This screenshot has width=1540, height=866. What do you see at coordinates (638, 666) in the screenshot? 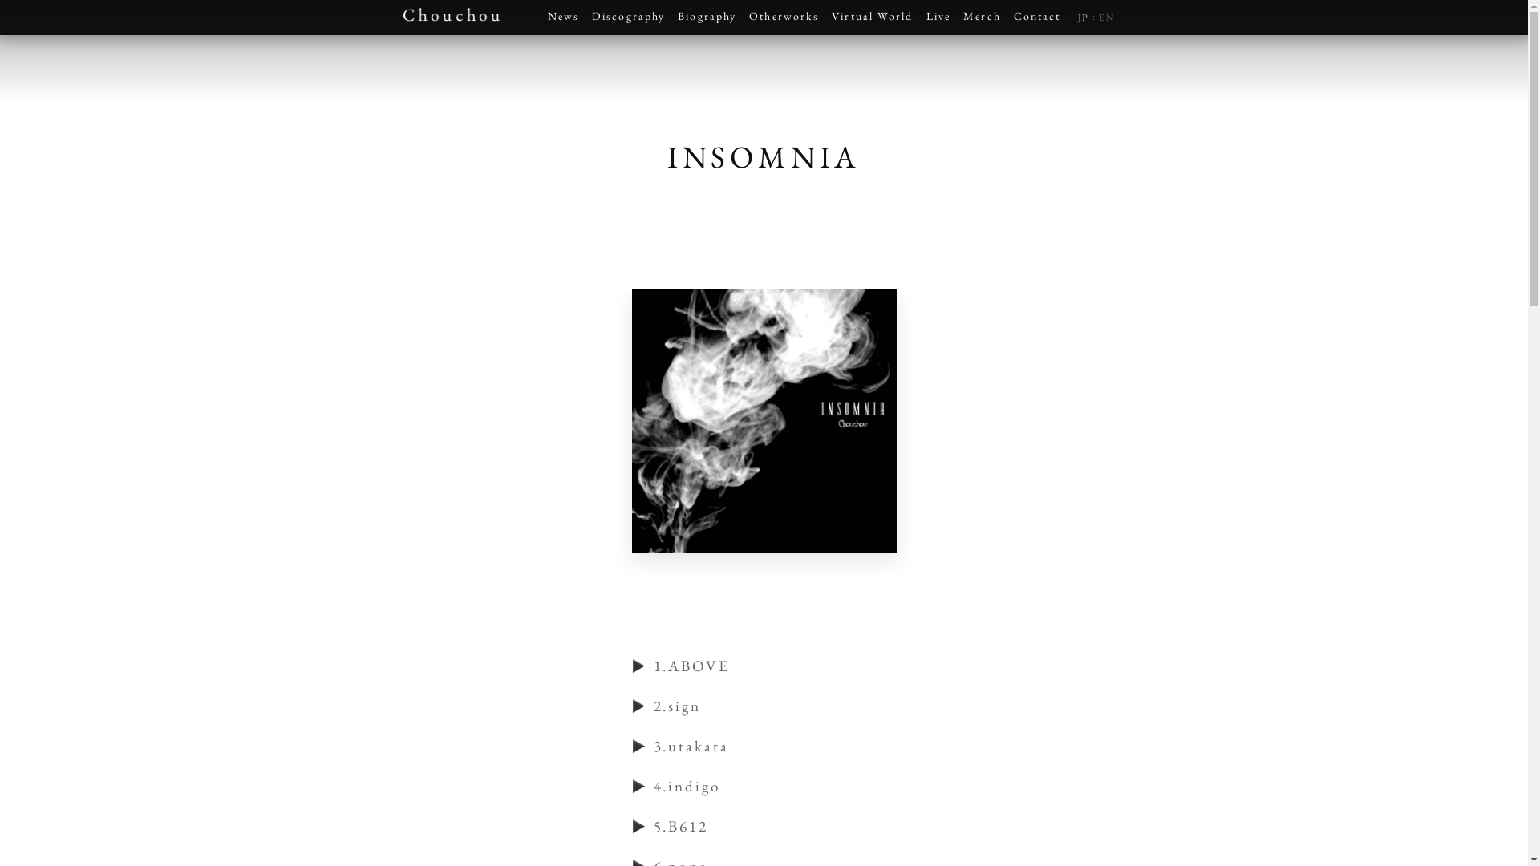
I see `'play'` at bounding box center [638, 666].